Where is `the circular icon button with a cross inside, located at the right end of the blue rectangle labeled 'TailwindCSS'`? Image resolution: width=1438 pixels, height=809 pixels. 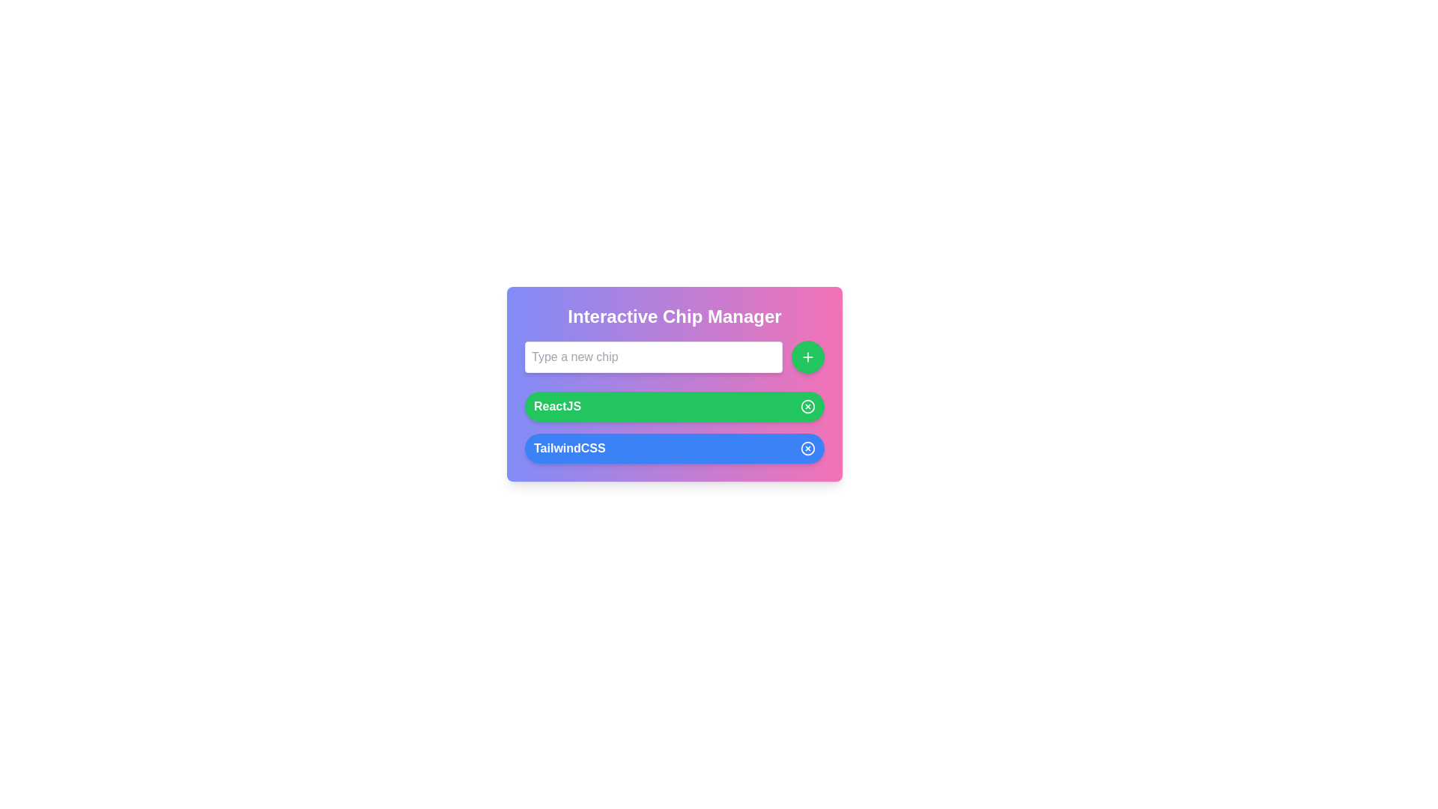
the circular icon button with a cross inside, located at the right end of the blue rectangle labeled 'TailwindCSS' is located at coordinates (807, 447).